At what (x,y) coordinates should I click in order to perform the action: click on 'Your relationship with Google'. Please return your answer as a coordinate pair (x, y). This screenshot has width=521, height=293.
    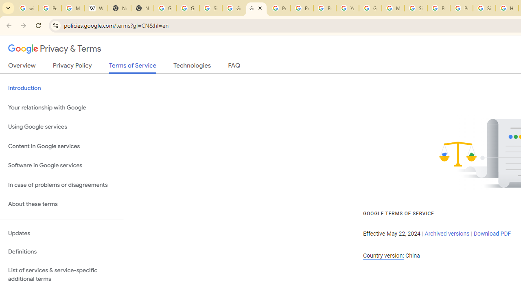
    Looking at the image, I should click on (61, 107).